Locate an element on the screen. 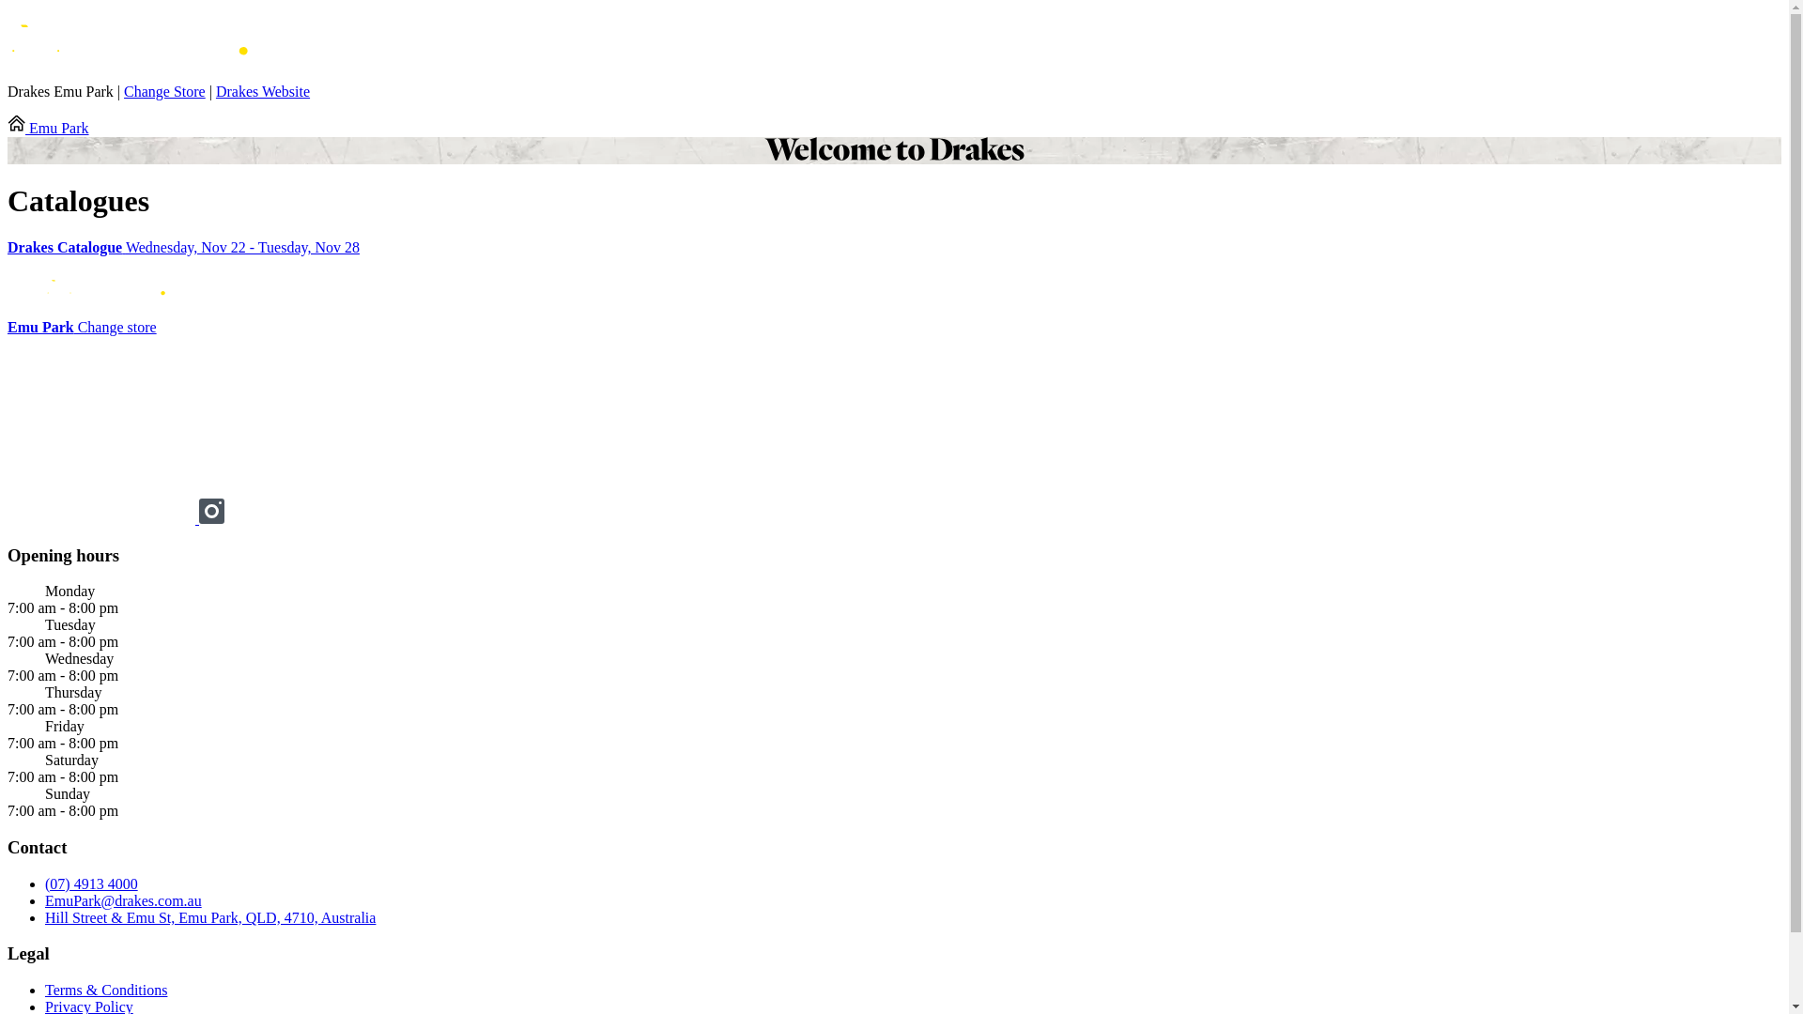 Image resolution: width=1803 pixels, height=1014 pixels. 'EmuPark@drakes.com.au' is located at coordinates (122, 899).